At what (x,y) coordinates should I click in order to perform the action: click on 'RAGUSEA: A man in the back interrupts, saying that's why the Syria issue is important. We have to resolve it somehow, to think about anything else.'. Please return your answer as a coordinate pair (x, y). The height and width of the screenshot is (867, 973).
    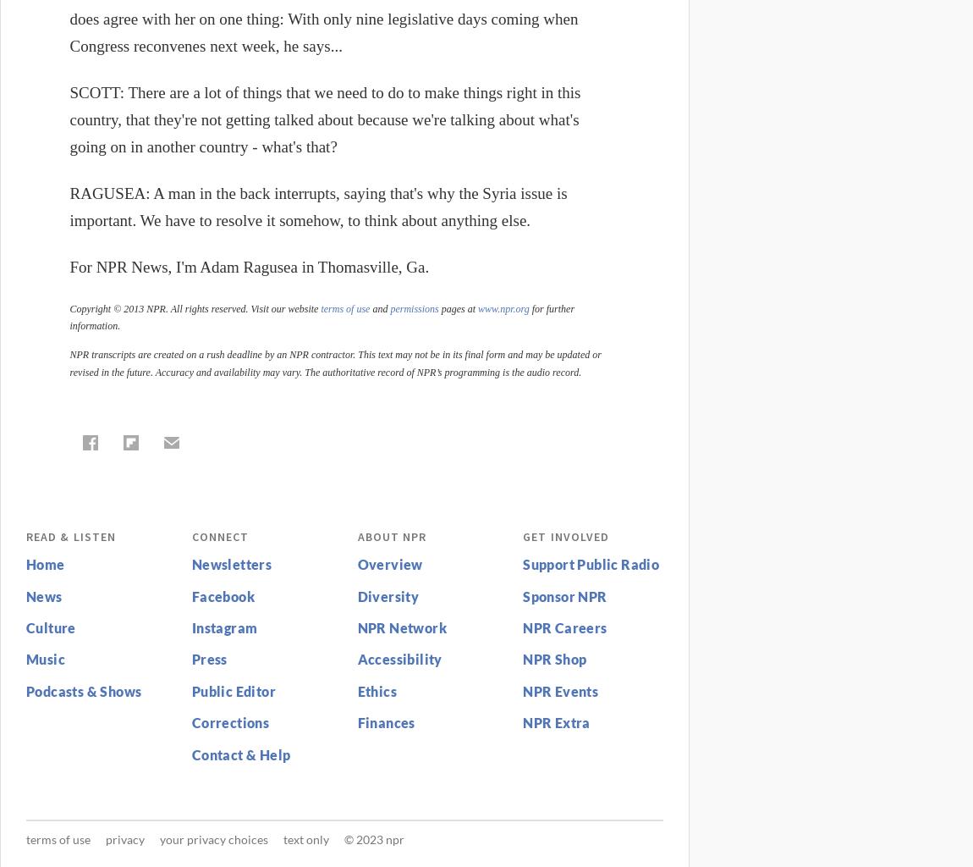
    Looking at the image, I should click on (318, 206).